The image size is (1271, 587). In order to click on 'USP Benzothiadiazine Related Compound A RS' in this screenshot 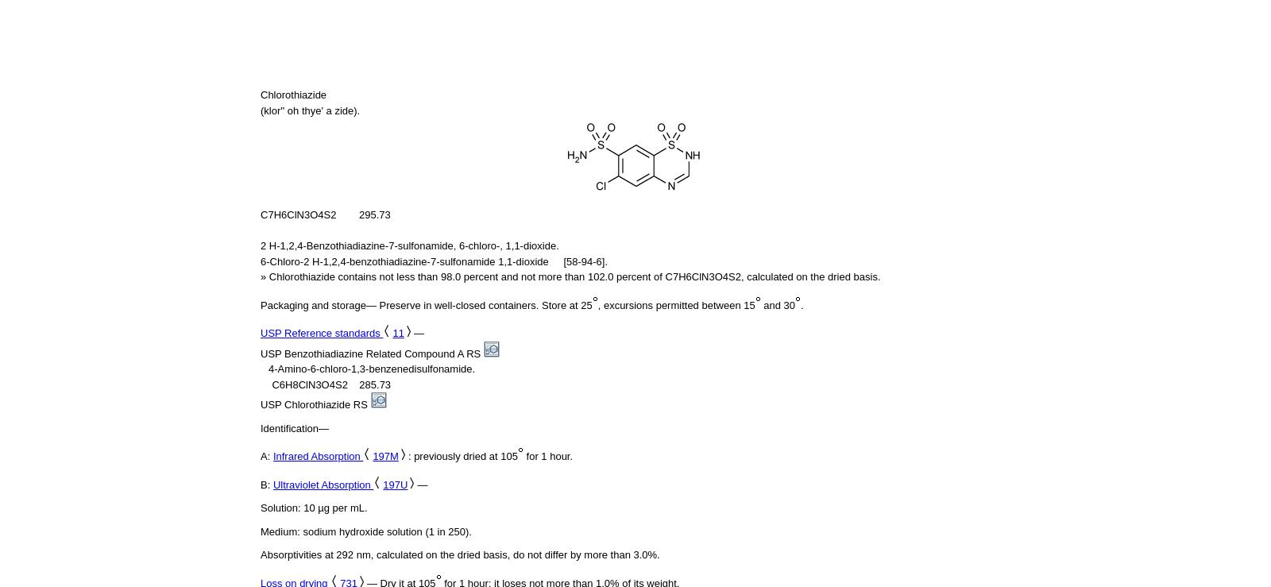, I will do `click(371, 353)`.